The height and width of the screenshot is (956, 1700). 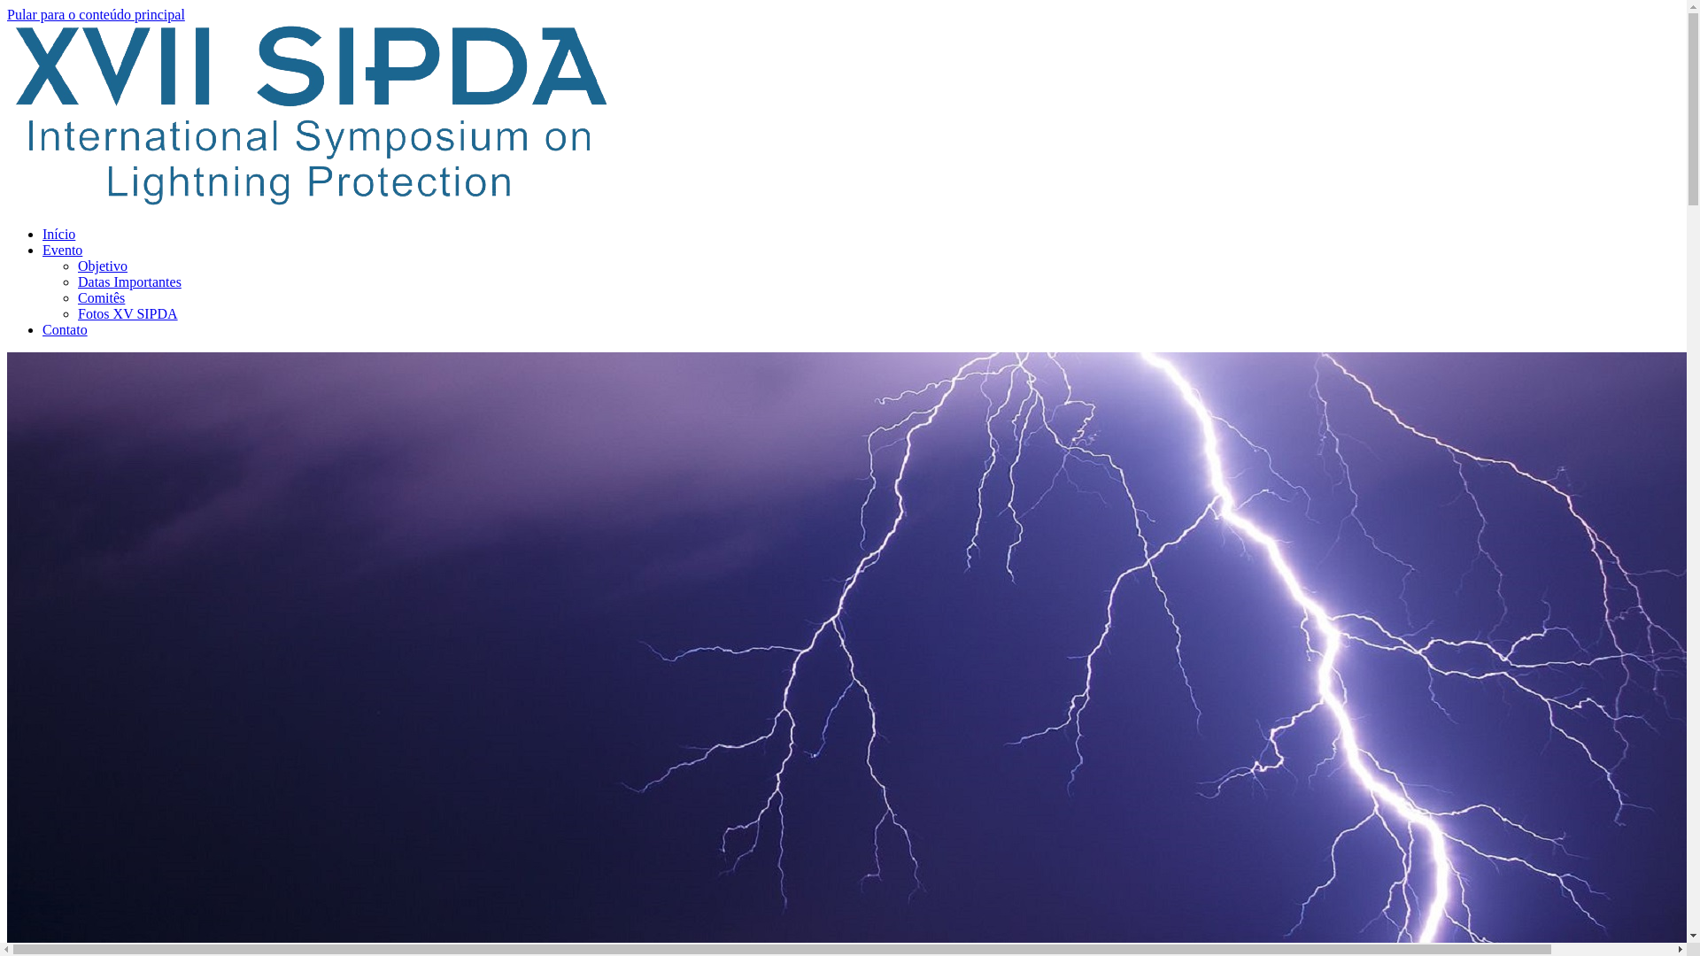 I want to click on 'Fotos XV SIPDA', so click(x=127, y=312).